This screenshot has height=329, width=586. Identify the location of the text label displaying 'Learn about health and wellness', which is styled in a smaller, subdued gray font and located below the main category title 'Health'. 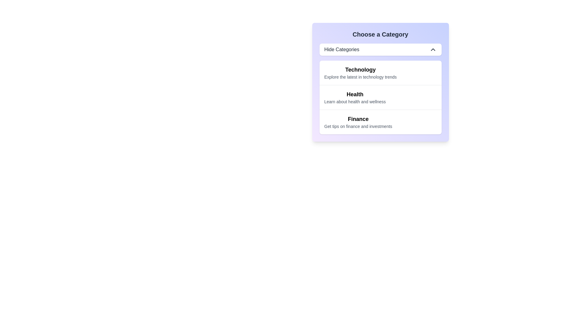
(355, 101).